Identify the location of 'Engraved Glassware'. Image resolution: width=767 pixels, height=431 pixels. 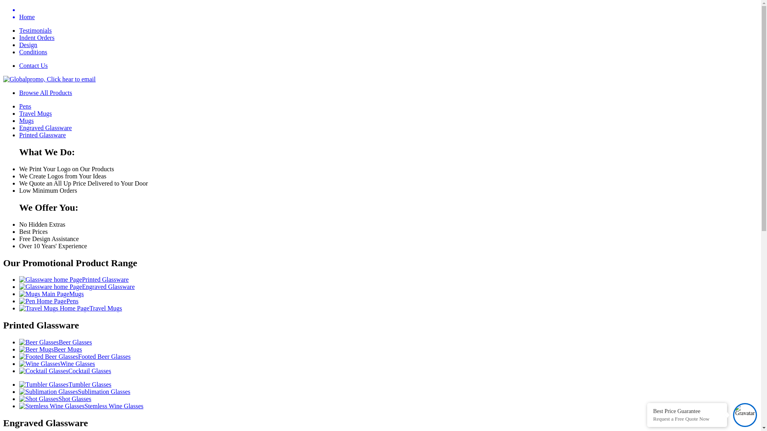
(45, 127).